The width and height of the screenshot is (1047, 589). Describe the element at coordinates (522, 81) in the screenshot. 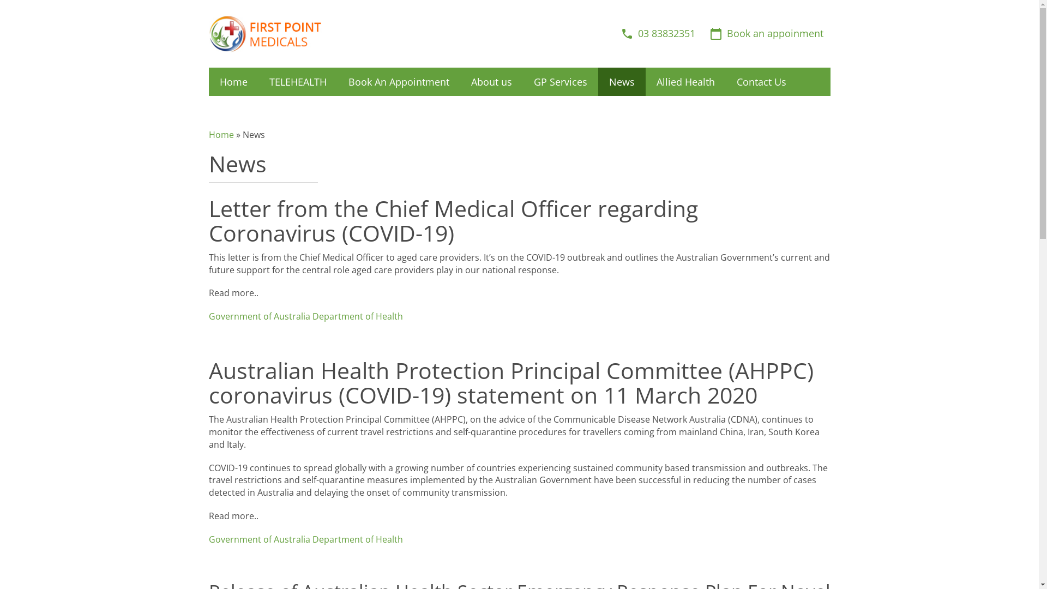

I see `'GP Services'` at that location.